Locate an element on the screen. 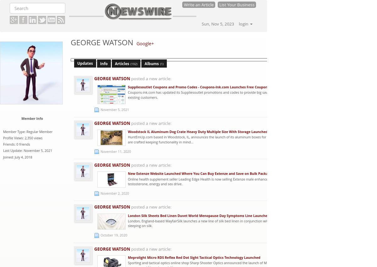 The height and width of the screenshot is (267, 377). 'November 2, 2020' is located at coordinates (115, 192).